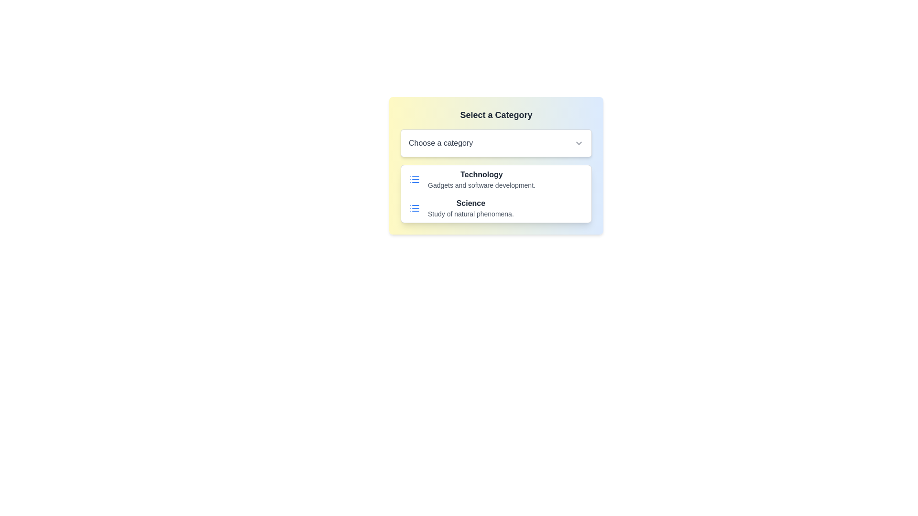  I want to click on the Dropdown Chevron icon located on the right side of the 'Choose a category' field, so click(578, 143).